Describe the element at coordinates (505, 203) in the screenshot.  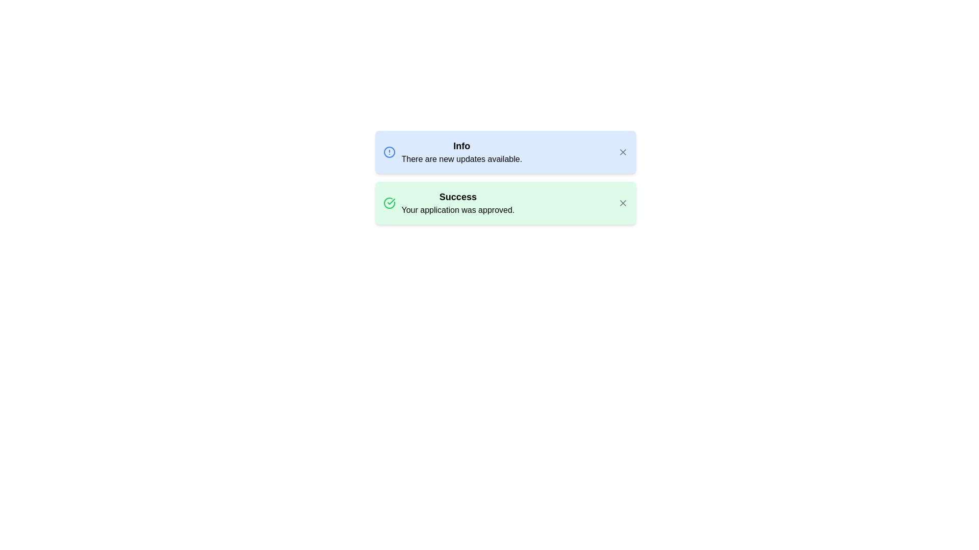
I see `the Notification box with a green background that contains a checkmark icon and the text 'Success' followed by 'Your application was approved.'` at that location.